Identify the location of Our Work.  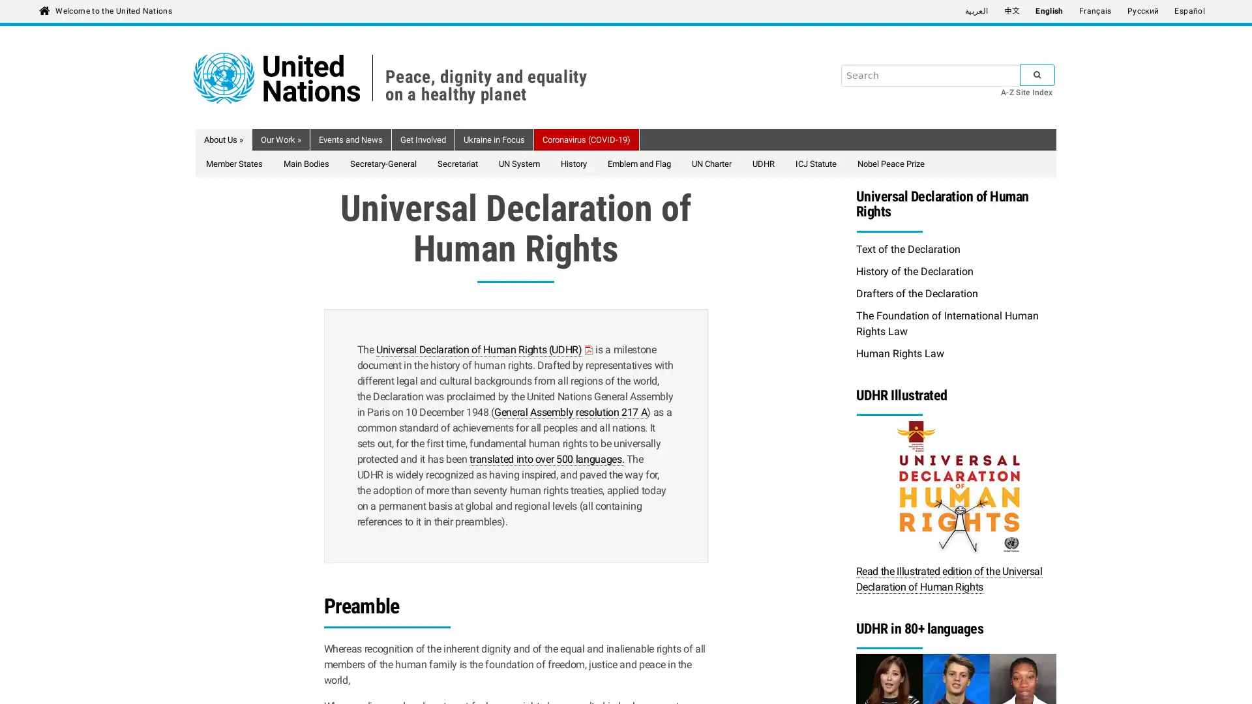
(280, 139).